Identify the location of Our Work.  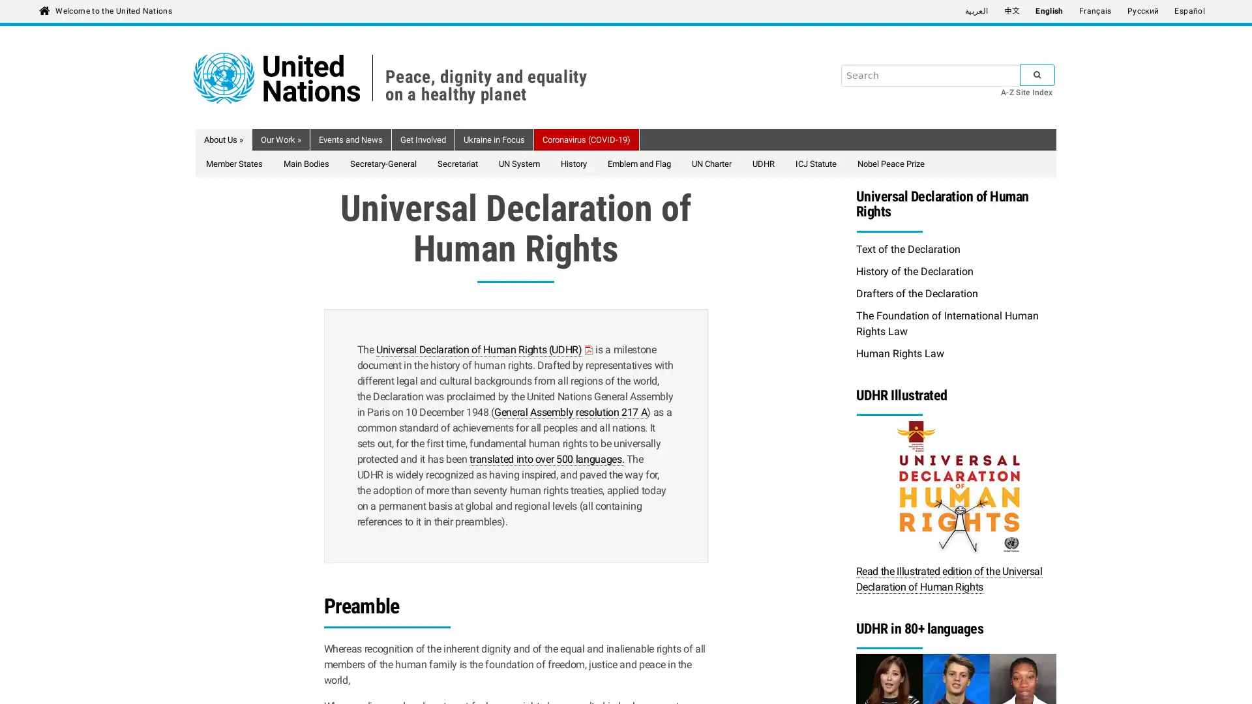
(280, 139).